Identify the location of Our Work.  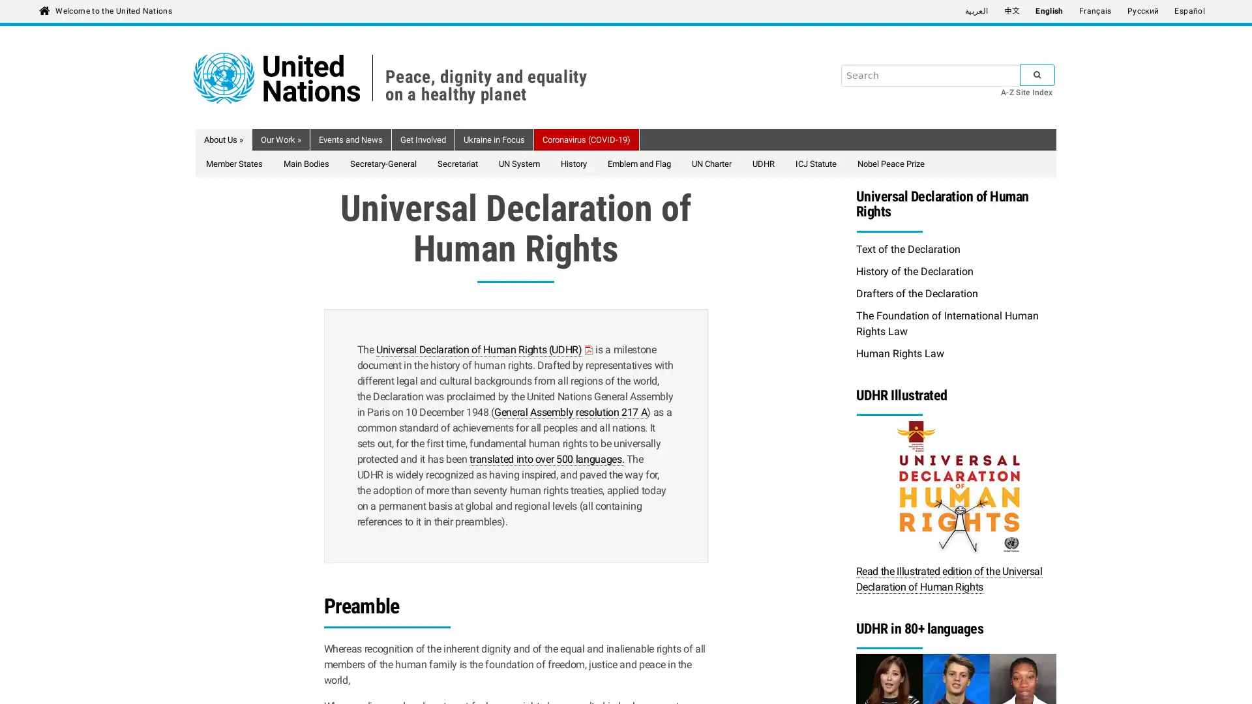
(280, 139).